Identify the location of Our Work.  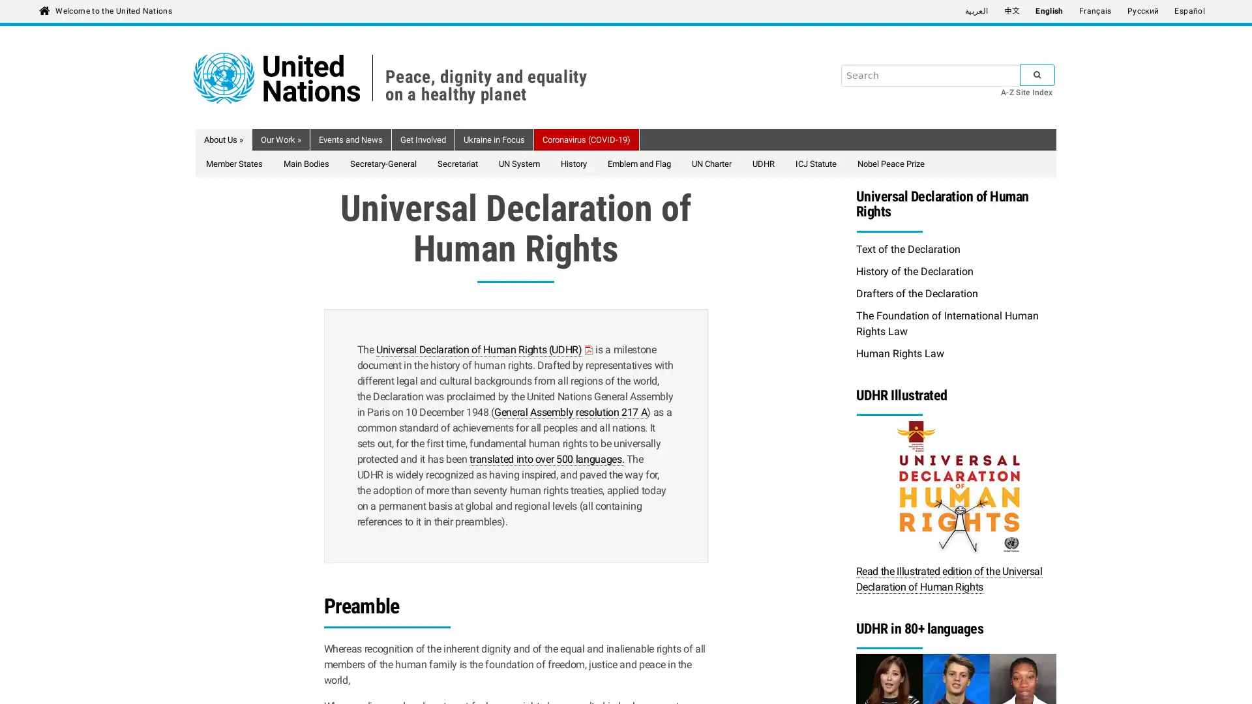
(280, 139).